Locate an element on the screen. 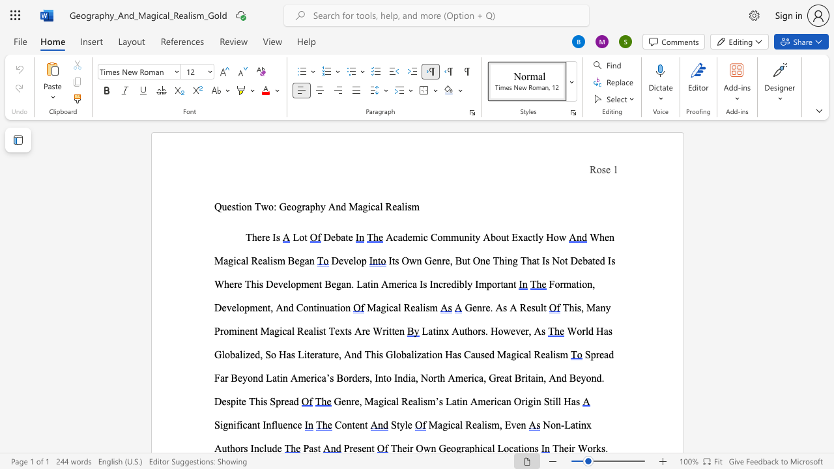  the 1th character "t" in the text is located at coordinates (259, 425).